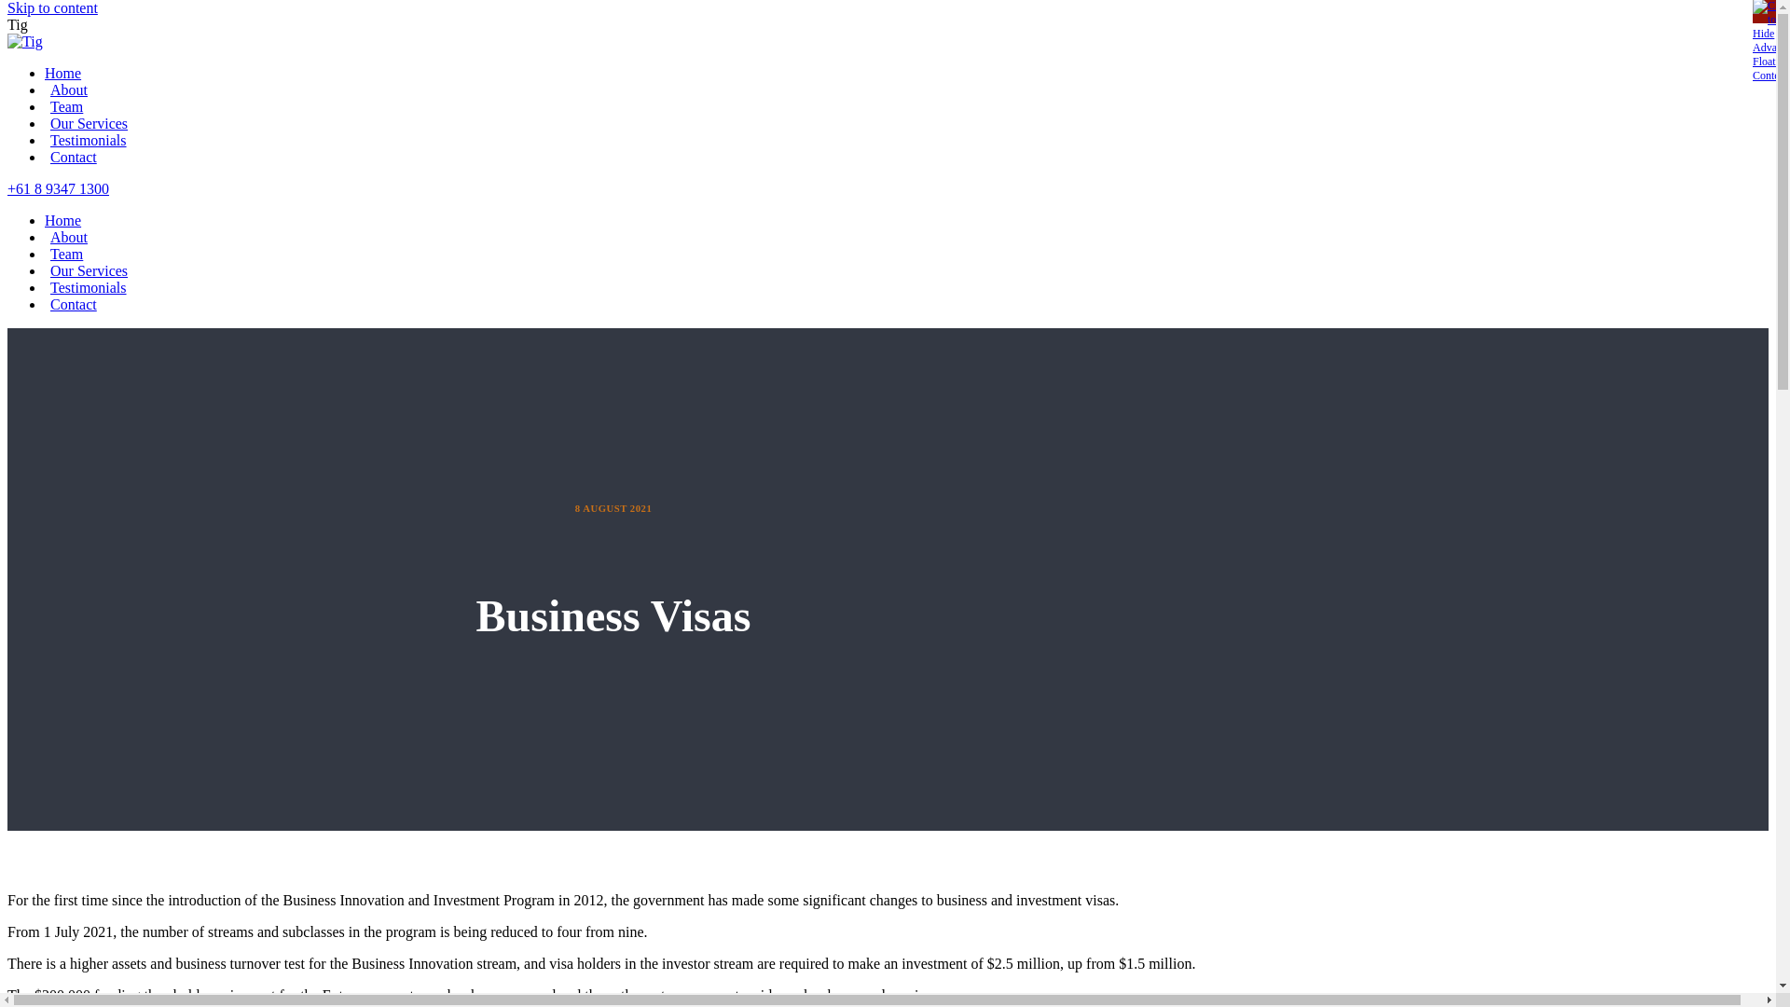  I want to click on 'Testimonials', so click(84, 139).